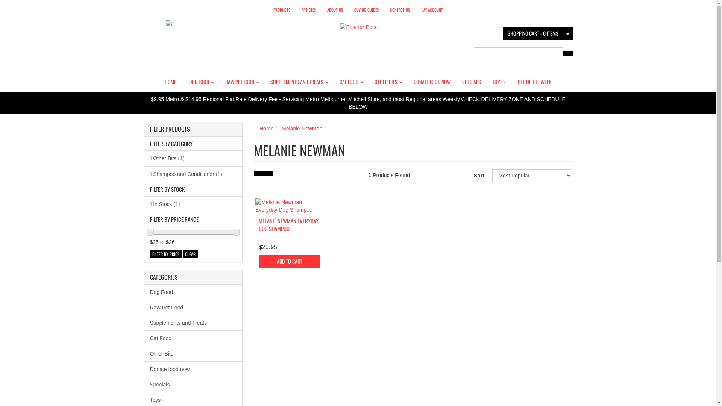  Describe the element at coordinates (567, 53) in the screenshot. I see `'Search'` at that location.